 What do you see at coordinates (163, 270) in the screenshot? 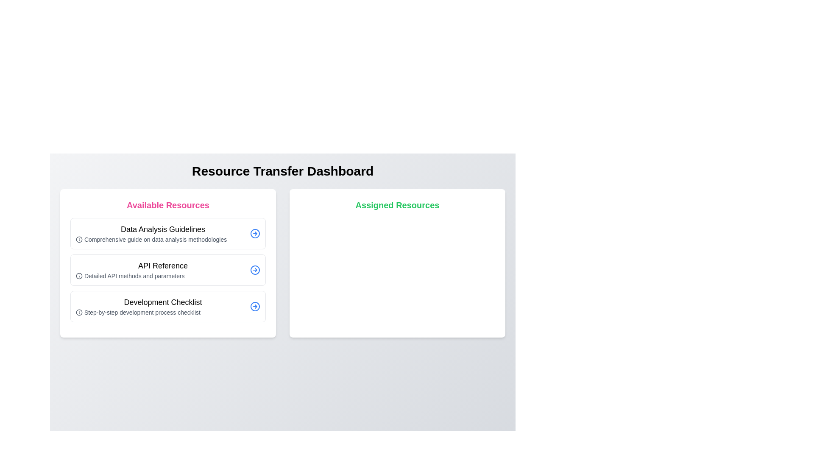
I see `the 'API Reference' Information card in the Resource Transfer Dashboard` at bounding box center [163, 270].